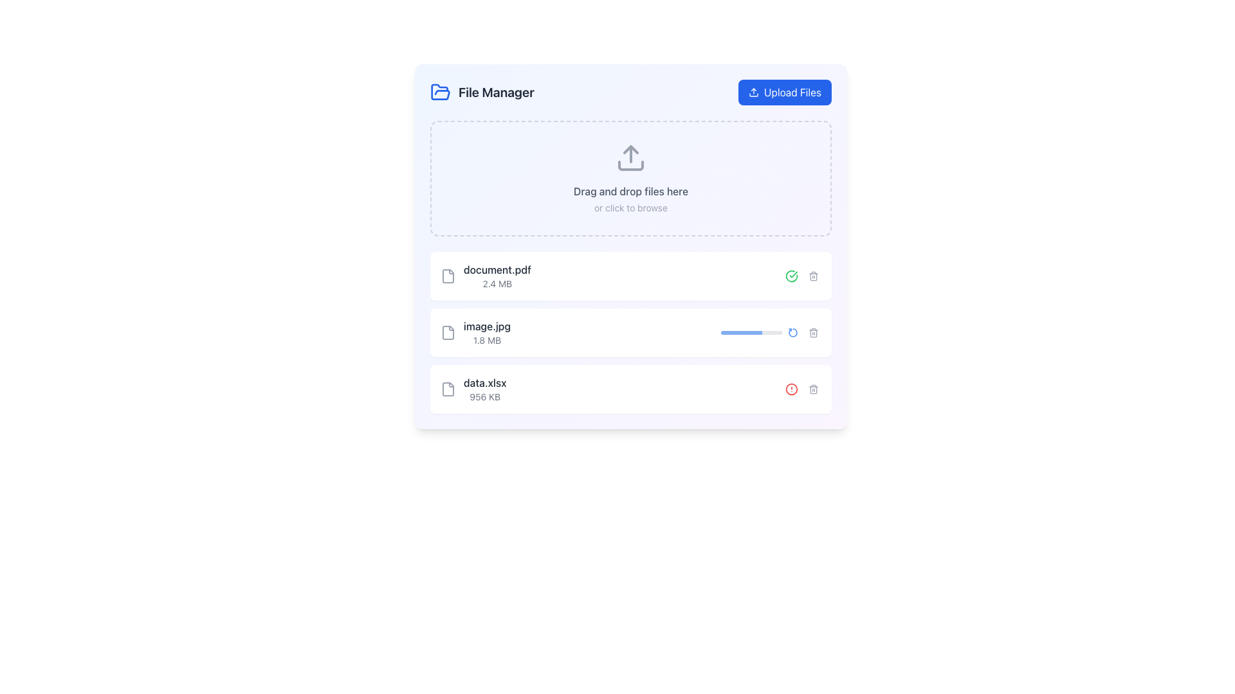 The height and width of the screenshot is (694, 1235). I want to click on the static text label displaying 'document.pdf', which is the first element in the file manager's list of files, so click(497, 269).